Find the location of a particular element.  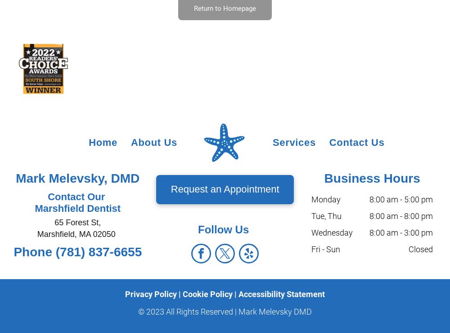

'About Us' is located at coordinates (153, 142).